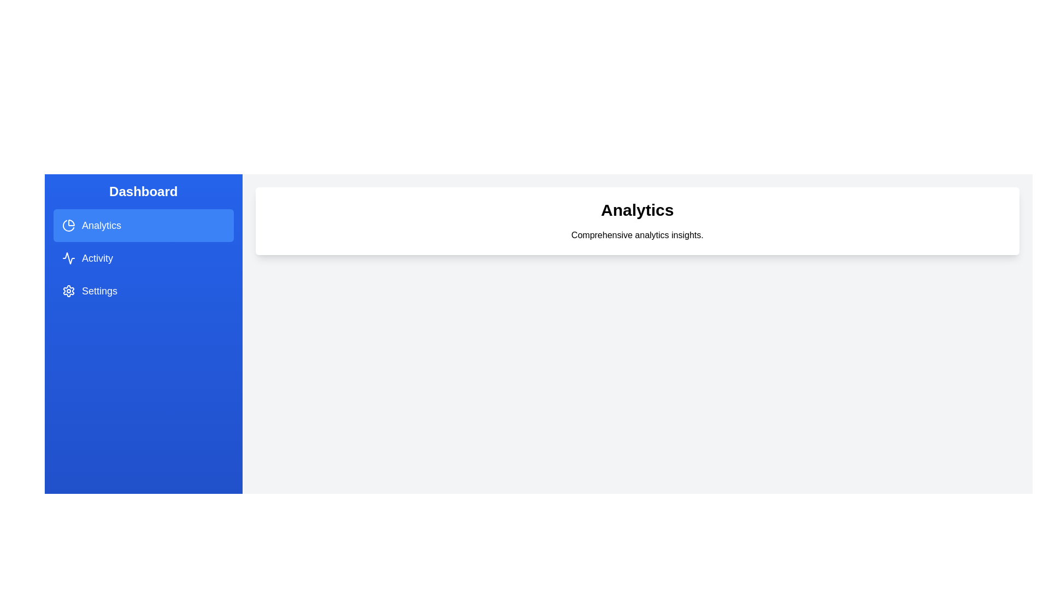 The height and width of the screenshot is (590, 1049). I want to click on the gear-like icon representing the settings functionality located in the vertical sidebar menu, to the left of the 'Settings' label, so click(68, 290).